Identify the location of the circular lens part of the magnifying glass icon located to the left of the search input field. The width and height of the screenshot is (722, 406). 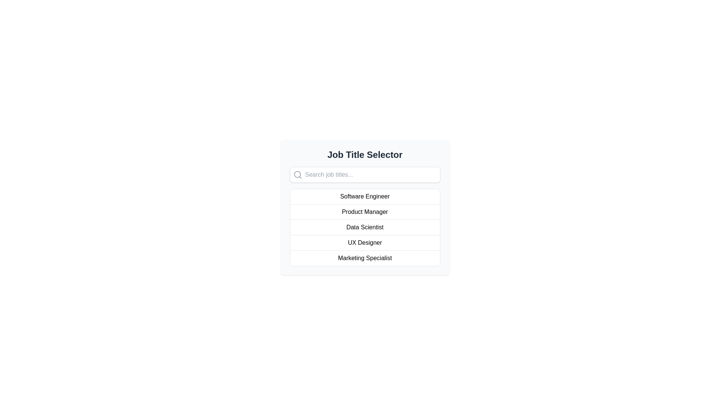
(297, 174).